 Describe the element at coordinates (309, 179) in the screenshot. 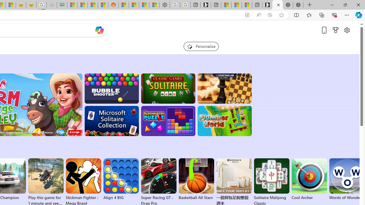

I see `'Cool Archer'` at that location.